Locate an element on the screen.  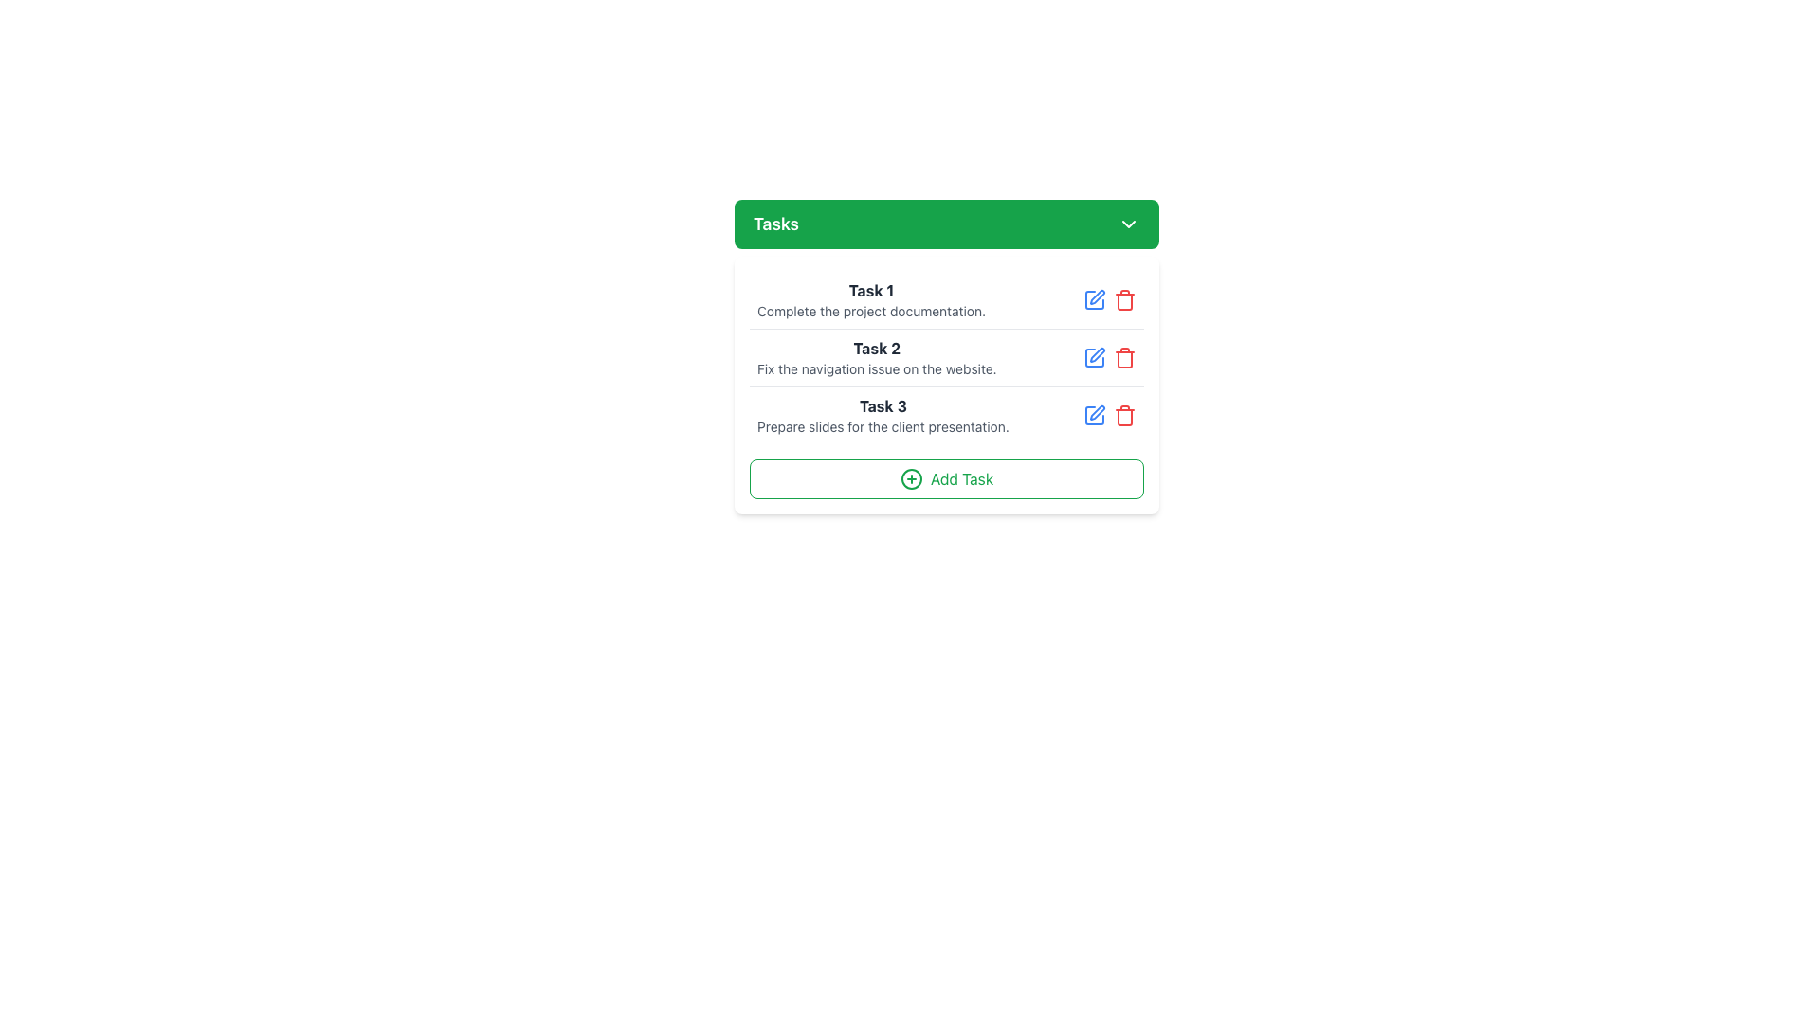
the drop-down icon located on the right side of the green 'Tasks' header is located at coordinates (1128, 223).